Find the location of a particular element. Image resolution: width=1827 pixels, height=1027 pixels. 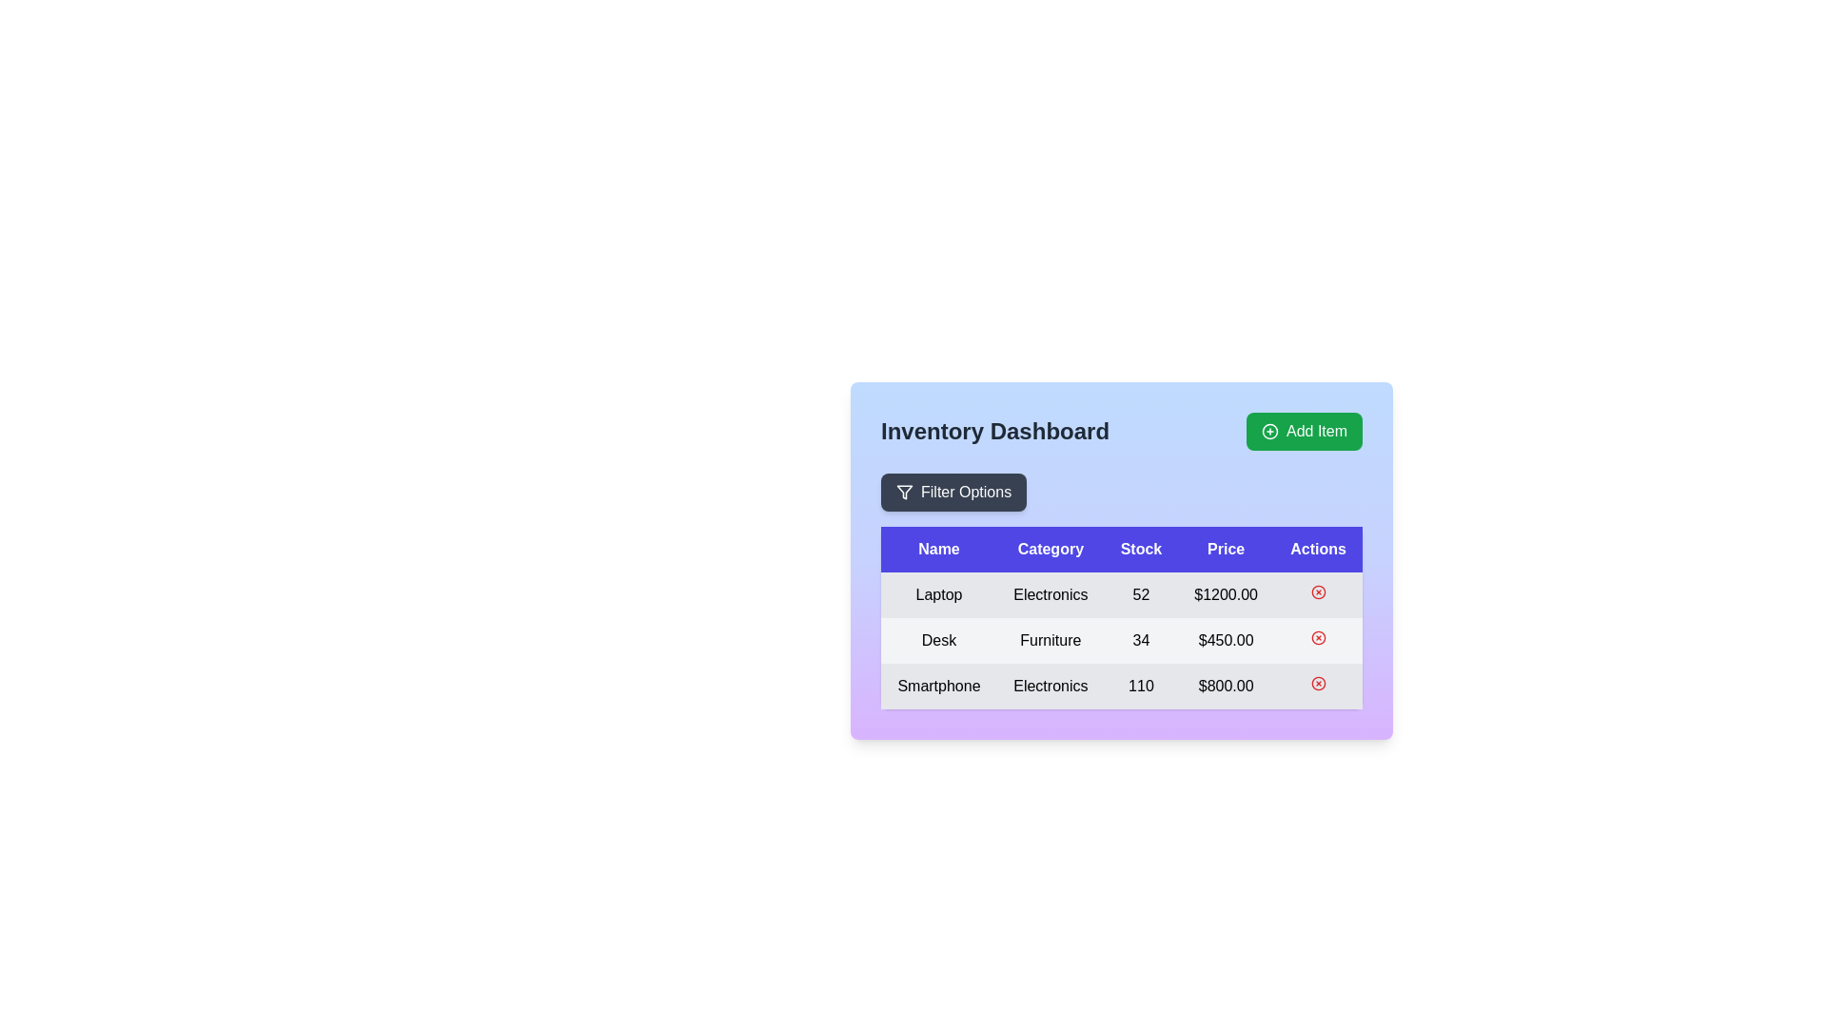

the delete button located in the last row under the 'Actions' column of the table is located at coordinates (1317, 638).